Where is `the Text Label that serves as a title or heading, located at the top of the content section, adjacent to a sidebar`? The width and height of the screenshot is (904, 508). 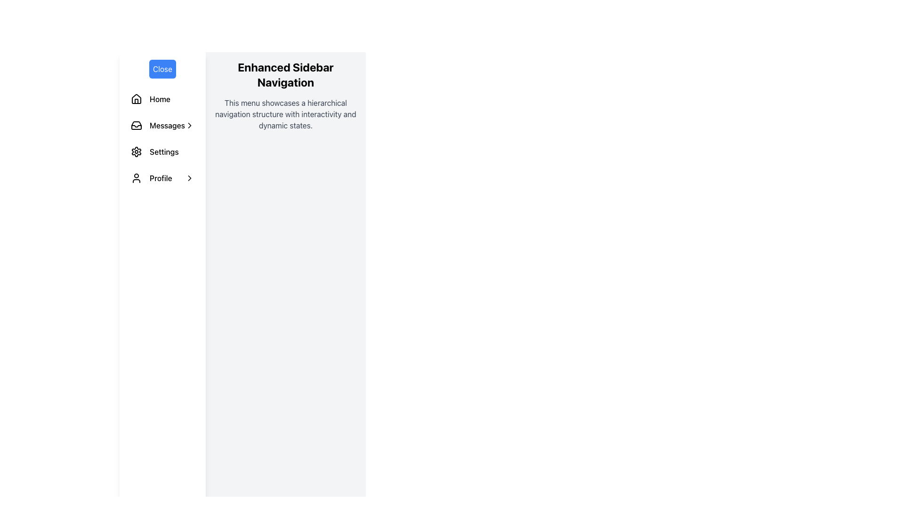
the Text Label that serves as a title or heading, located at the top of the content section, adjacent to a sidebar is located at coordinates (285, 74).